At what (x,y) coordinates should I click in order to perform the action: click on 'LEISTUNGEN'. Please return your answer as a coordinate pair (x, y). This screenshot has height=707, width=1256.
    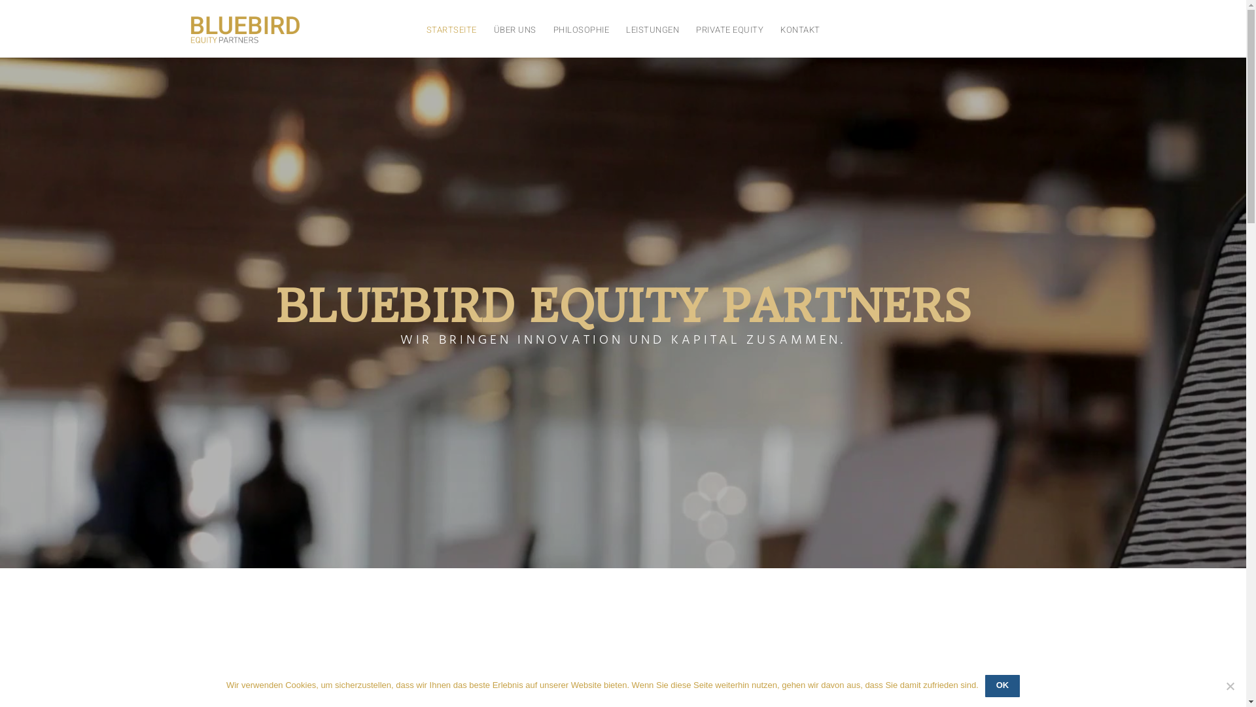
    Looking at the image, I should click on (652, 29).